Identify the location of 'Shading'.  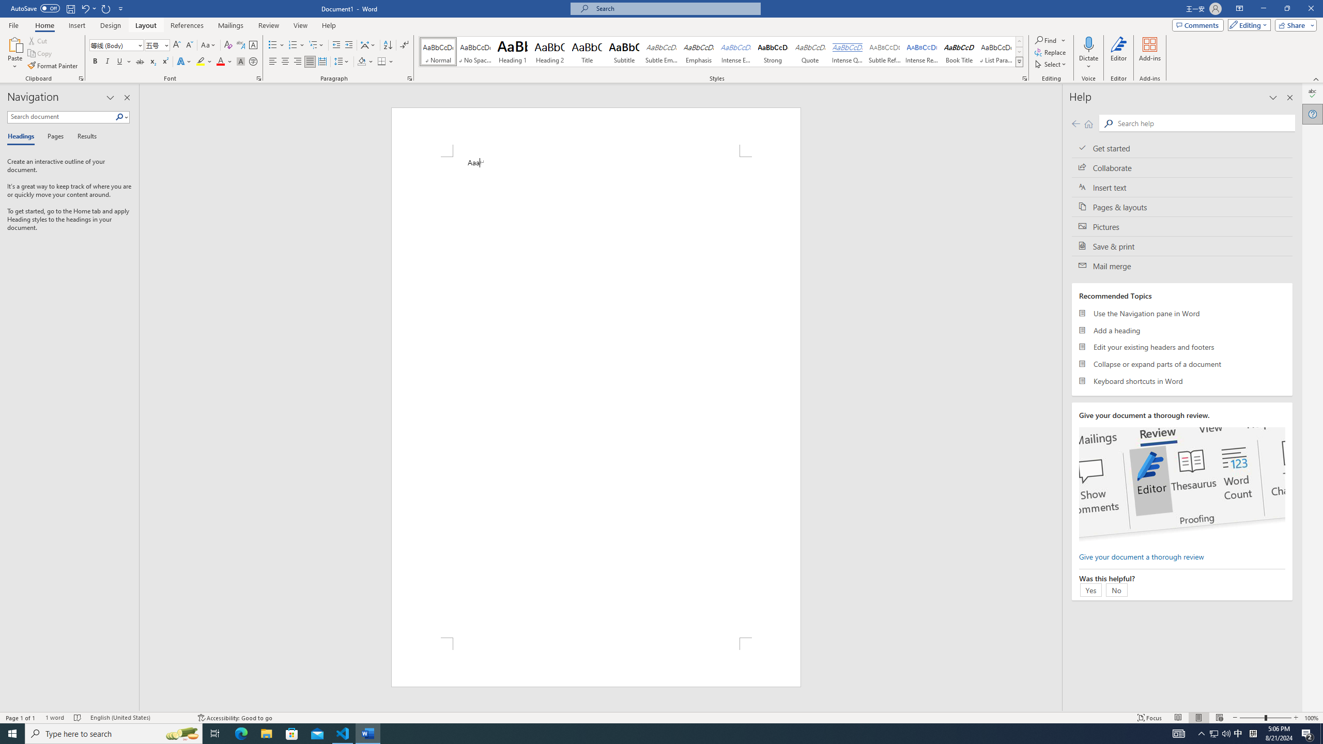
(365, 61).